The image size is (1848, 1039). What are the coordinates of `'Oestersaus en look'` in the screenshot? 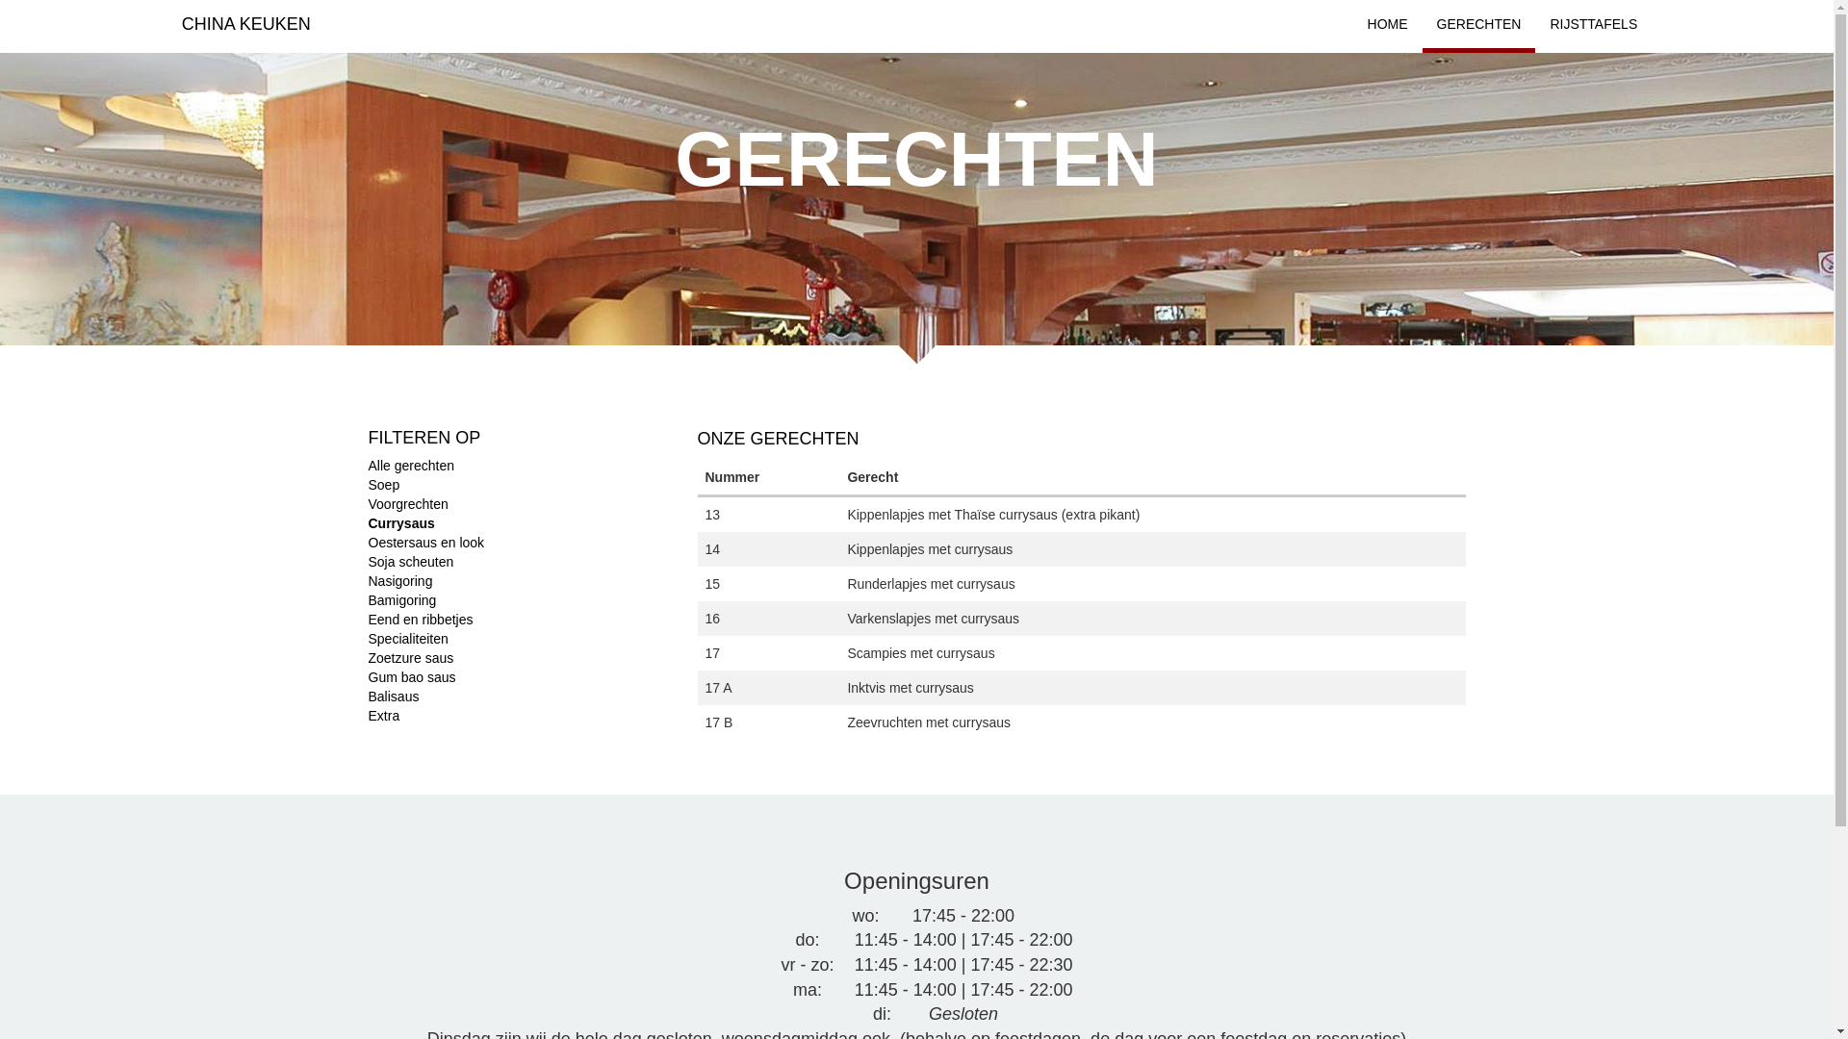 It's located at (424, 542).